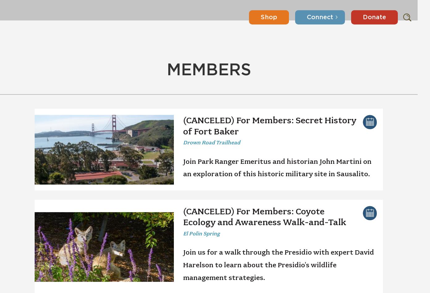 Image resolution: width=430 pixels, height=293 pixels. I want to click on 'Volunteer', so click(167, 10).